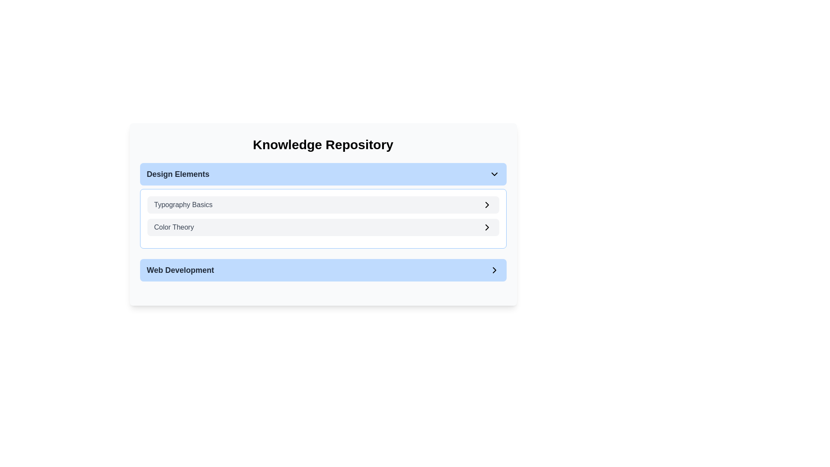 This screenshot has height=467, width=830. What do you see at coordinates (494, 174) in the screenshot?
I see `the chevron dropdown toggle icon located at the far right of the 'Design Elements' section` at bounding box center [494, 174].